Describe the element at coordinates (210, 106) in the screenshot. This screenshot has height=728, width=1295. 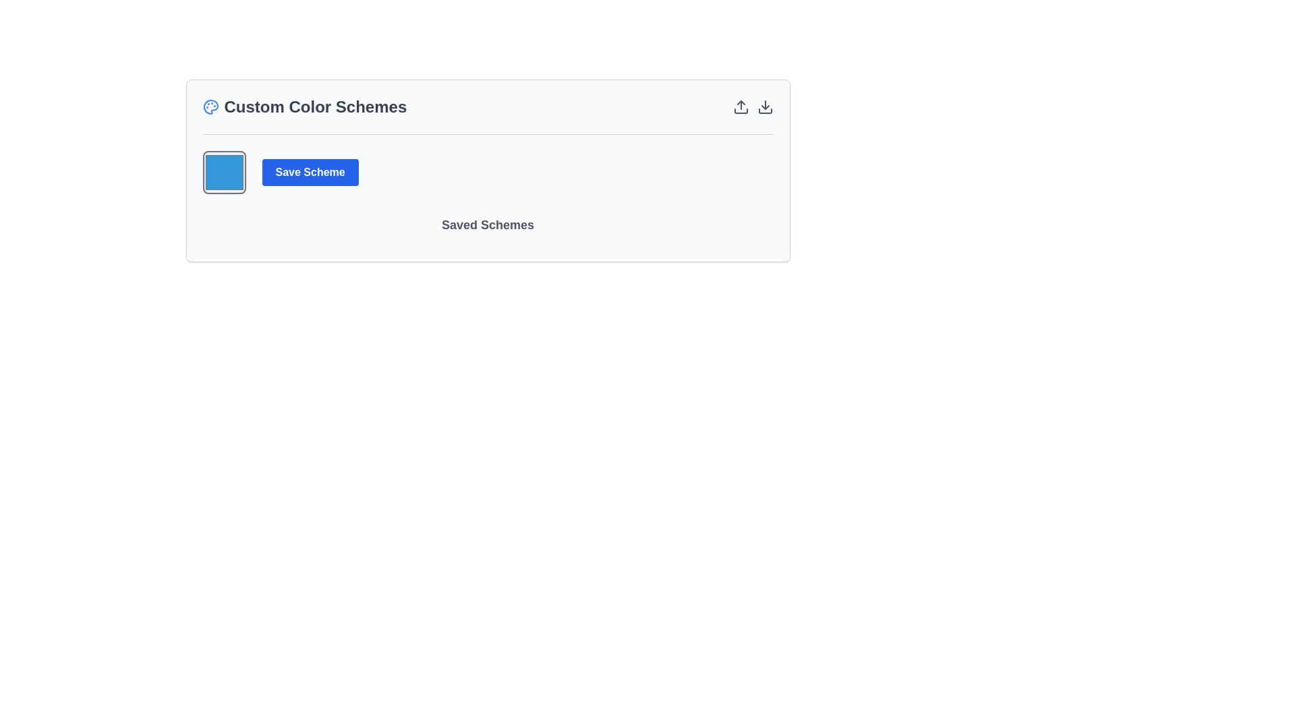
I see `the palette icon located to the left of the 'Custom Color Schemes' section title` at that location.